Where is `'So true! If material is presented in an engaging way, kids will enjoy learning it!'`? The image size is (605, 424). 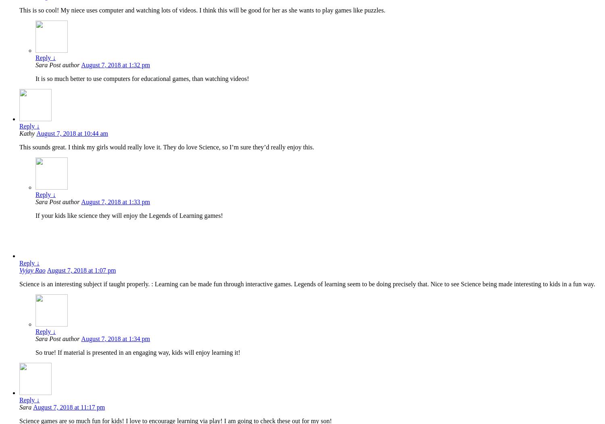 'So true! If material is presented in an engaging way, kids will enjoy learning it!' is located at coordinates (137, 352).